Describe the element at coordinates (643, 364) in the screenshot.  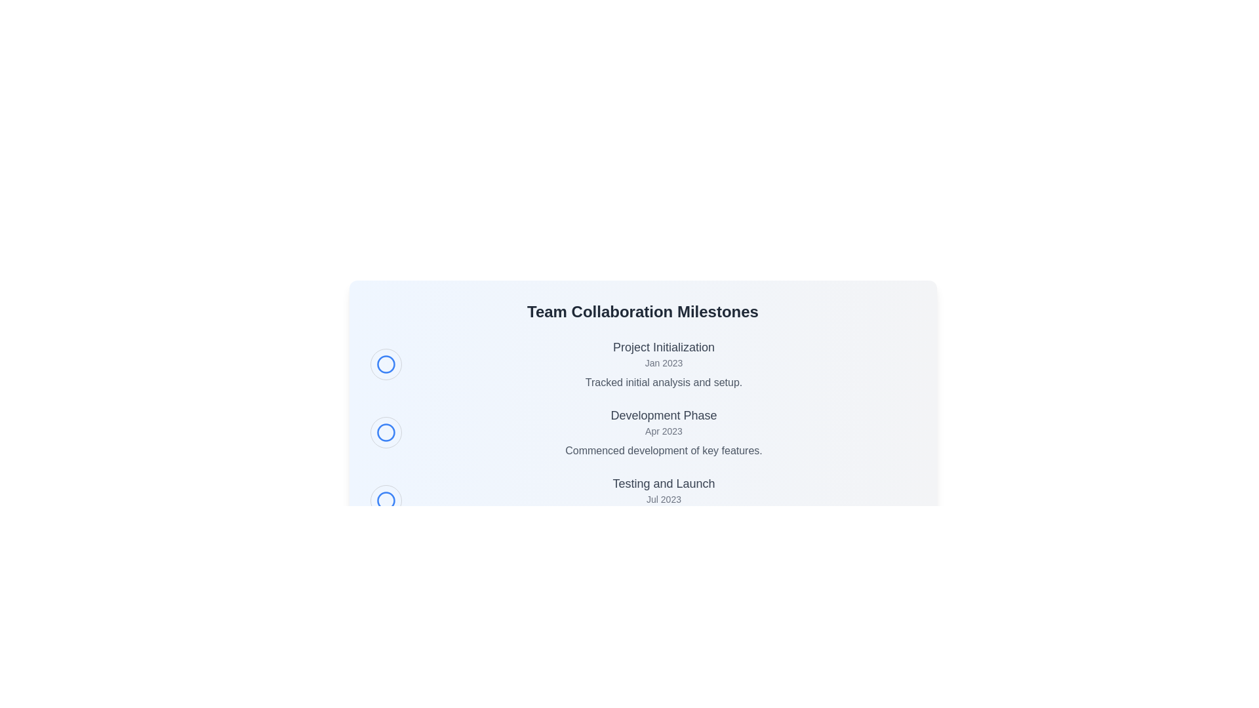
I see `the first list item in the 'Team Collaboration Milestones' section, which contains the title 'Project Initialization', the date 'Jan 2023', and the description 'Tracked initial analysis and setup.'` at that location.